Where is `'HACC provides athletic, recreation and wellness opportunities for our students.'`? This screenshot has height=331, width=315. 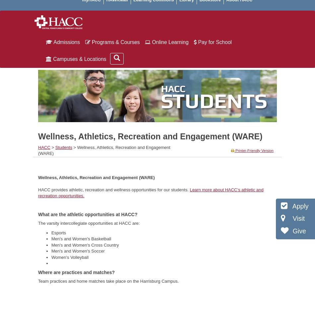
'HACC provides athletic, recreation and wellness opportunities for our students.' is located at coordinates (38, 189).